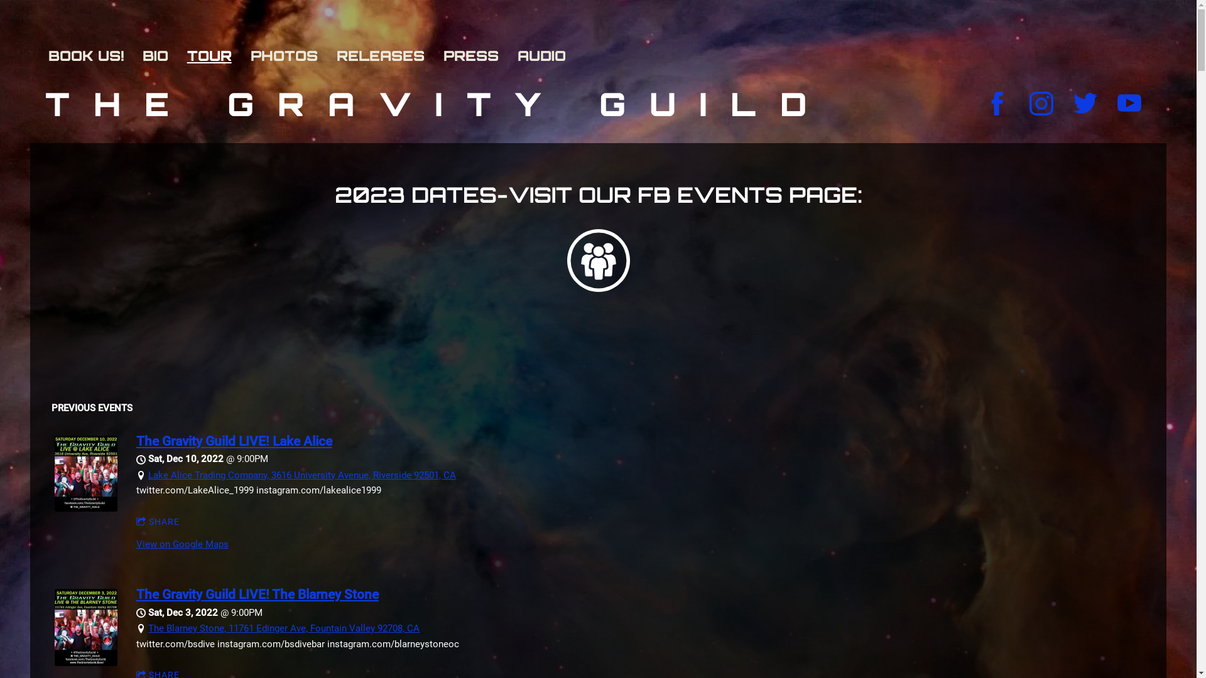 The width and height of the screenshot is (1206, 678). What do you see at coordinates (548, 55) in the screenshot?
I see `'AUDIO'` at bounding box center [548, 55].